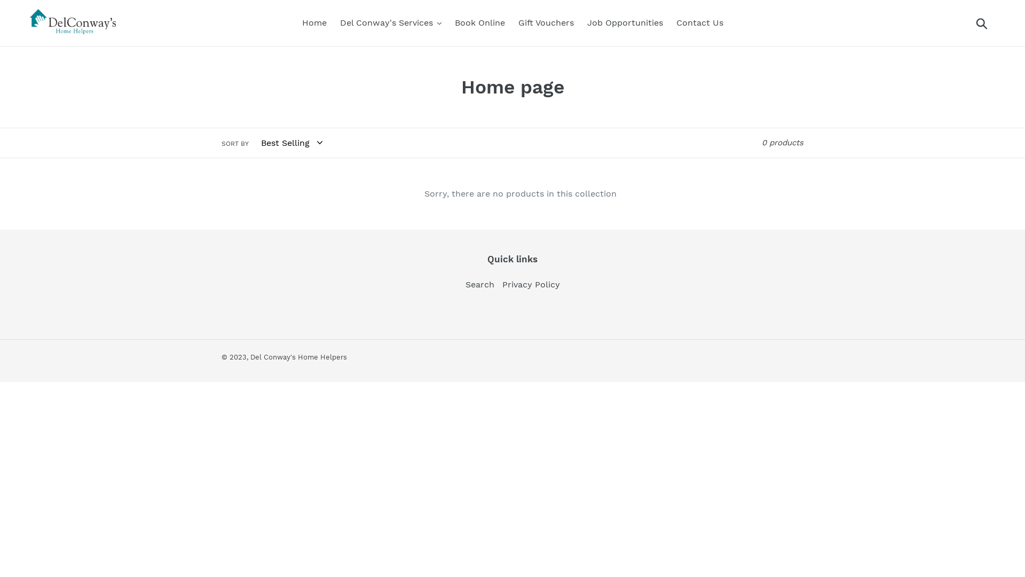 This screenshot has height=577, width=1025. What do you see at coordinates (530, 284) in the screenshot?
I see `'Privacy Policy'` at bounding box center [530, 284].